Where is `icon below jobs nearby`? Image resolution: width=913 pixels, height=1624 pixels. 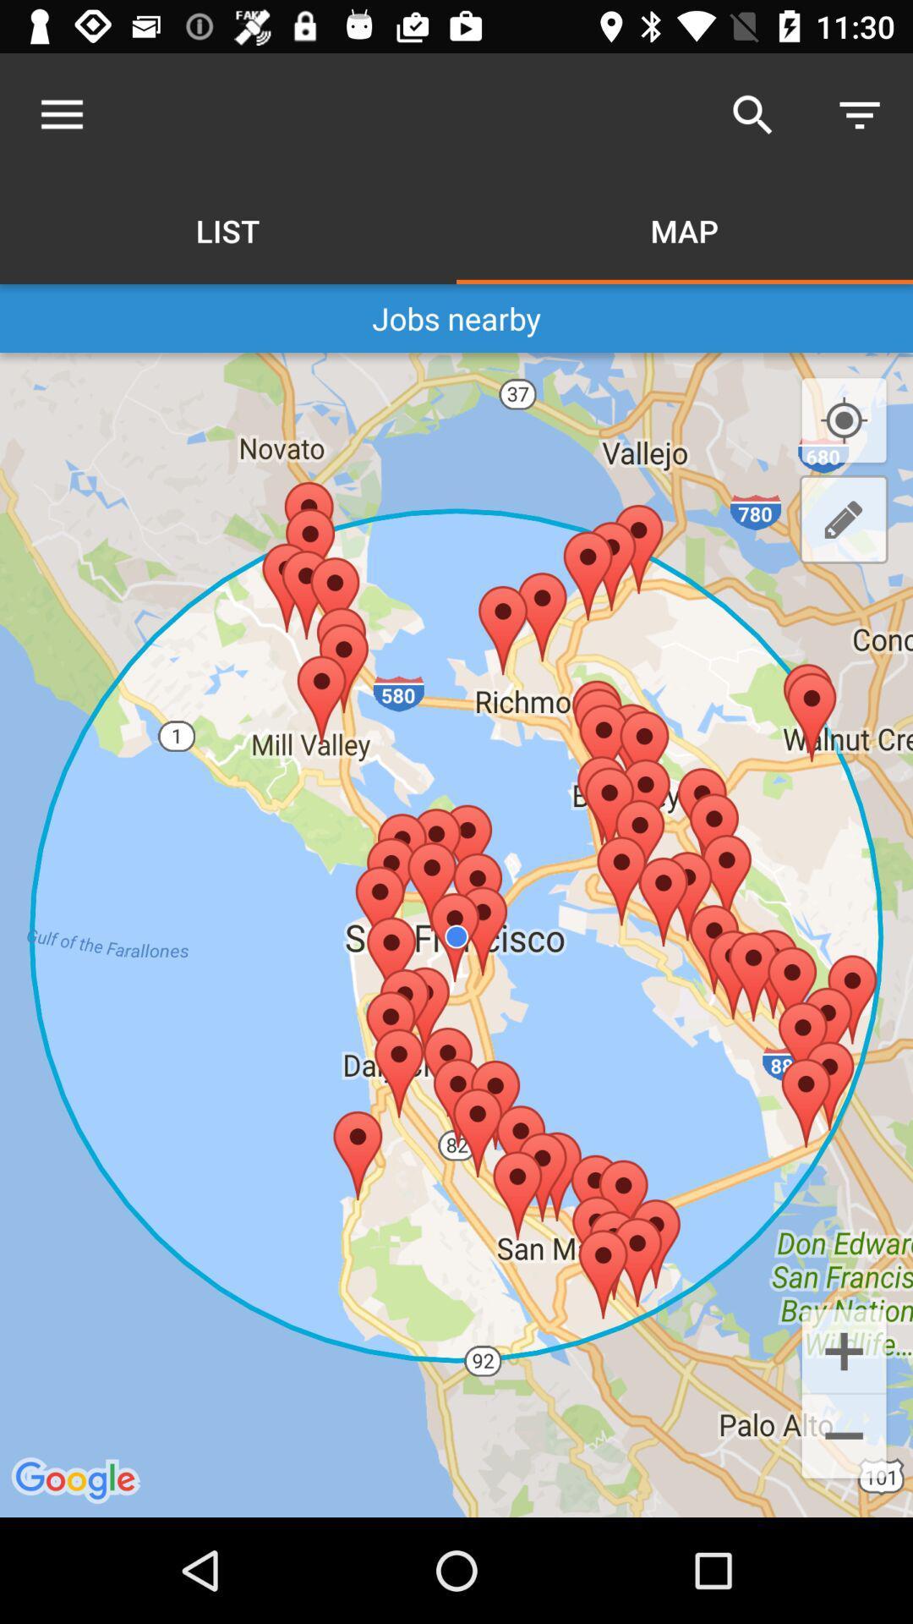
icon below jobs nearby is located at coordinates (456, 934).